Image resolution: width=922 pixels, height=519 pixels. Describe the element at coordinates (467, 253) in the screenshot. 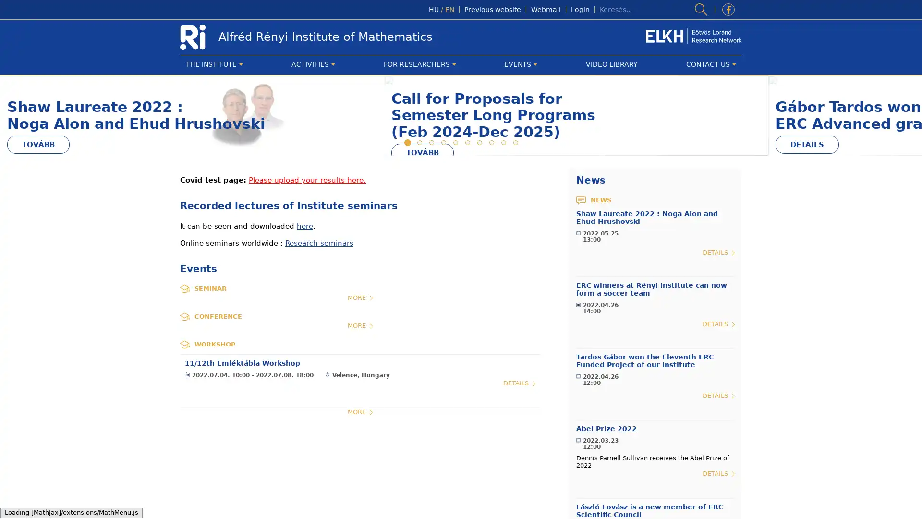

I see `6` at that location.